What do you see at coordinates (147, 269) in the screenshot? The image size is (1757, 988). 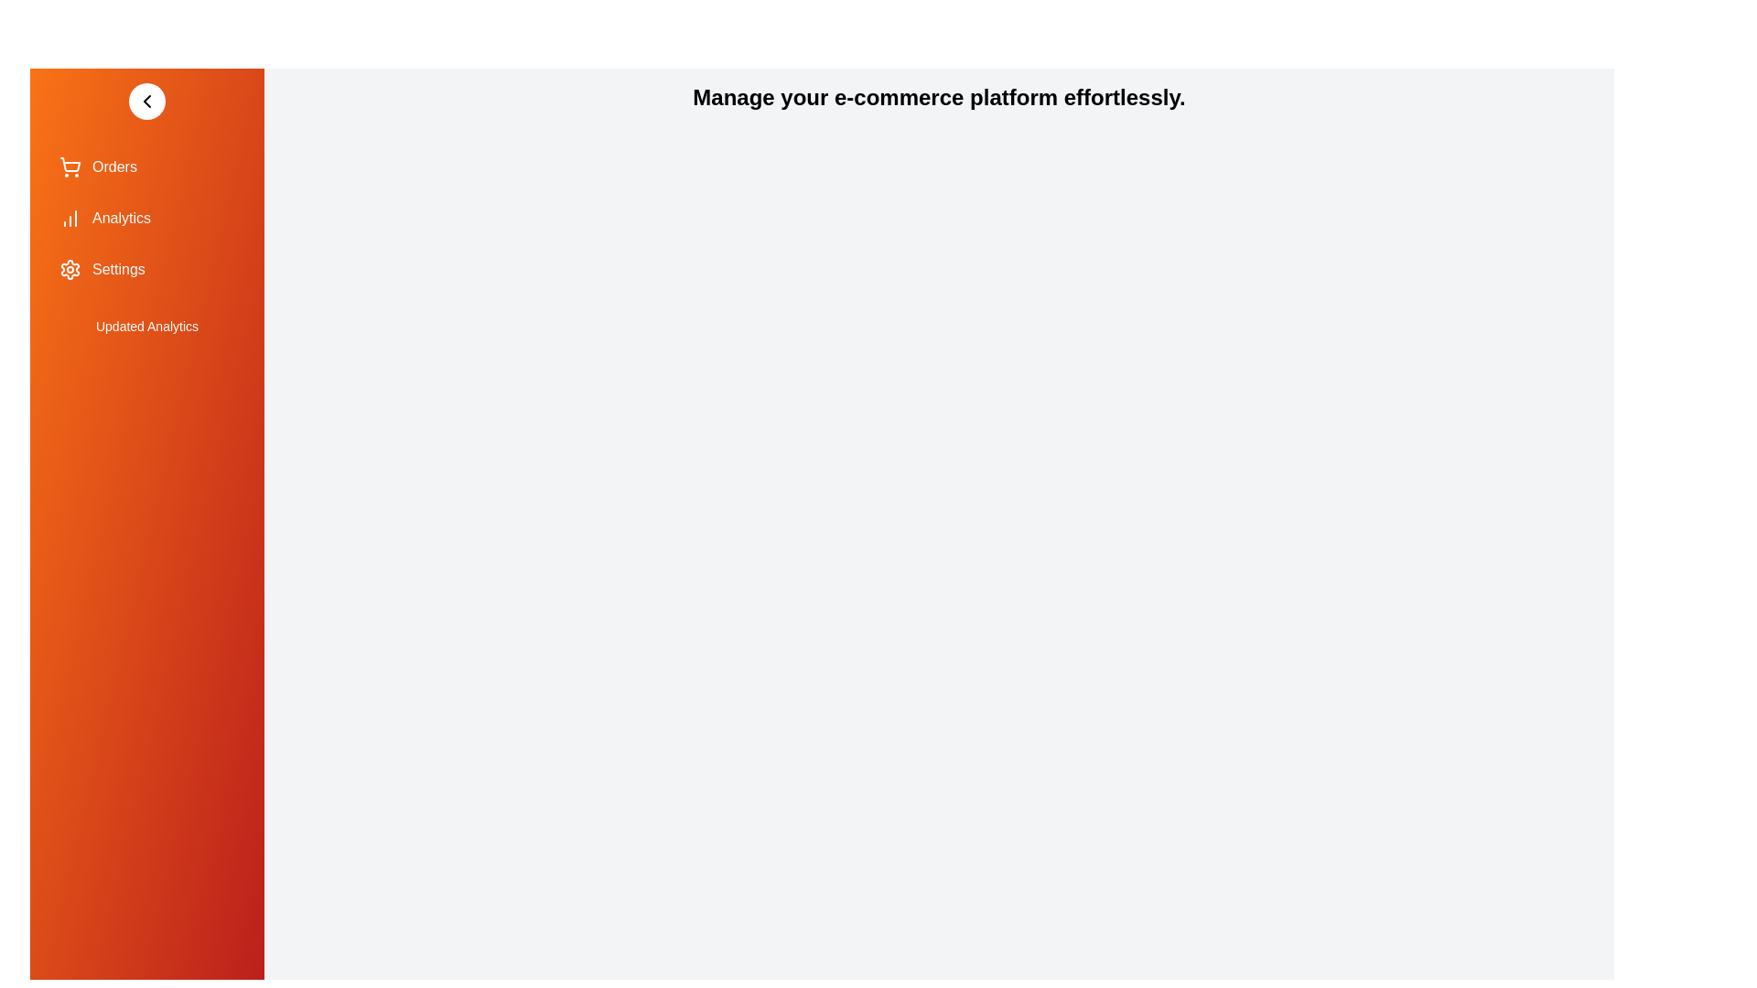 I see `the 'Settings' menu item in the sidebar` at bounding box center [147, 269].